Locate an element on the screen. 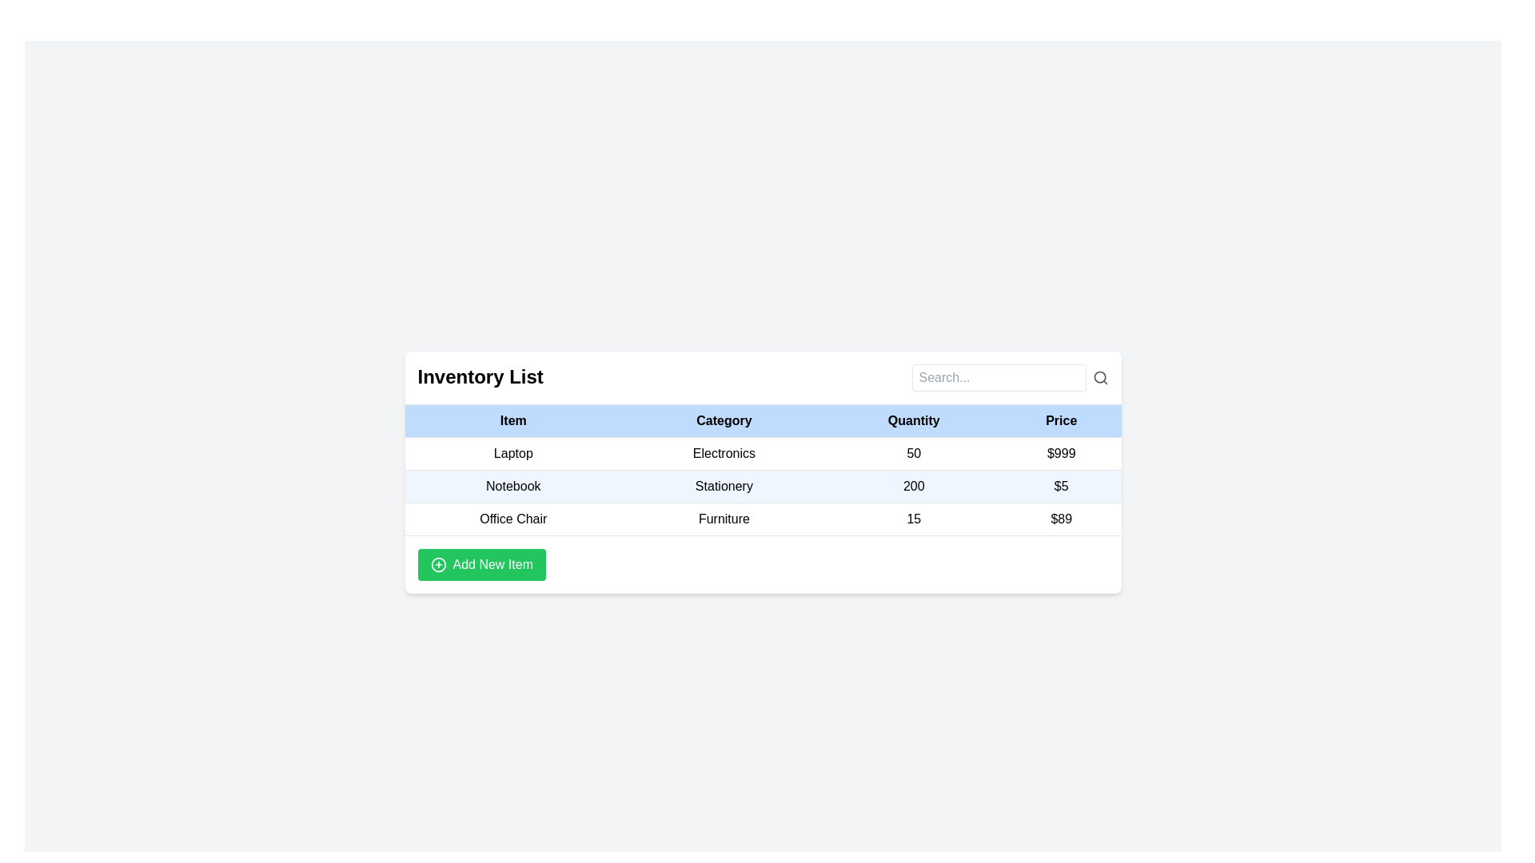  a specific row in the Inventory List table is located at coordinates (762, 469).